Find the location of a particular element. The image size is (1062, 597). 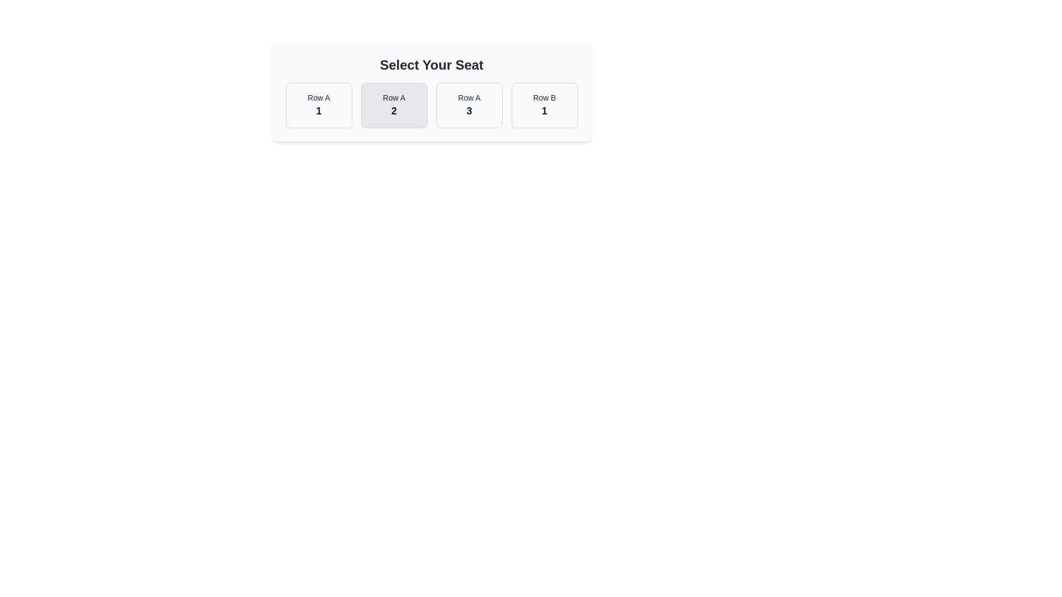

the button representing the option for 'Row A 3' to indicate a selection in the seat selection process is located at coordinates (469, 106).